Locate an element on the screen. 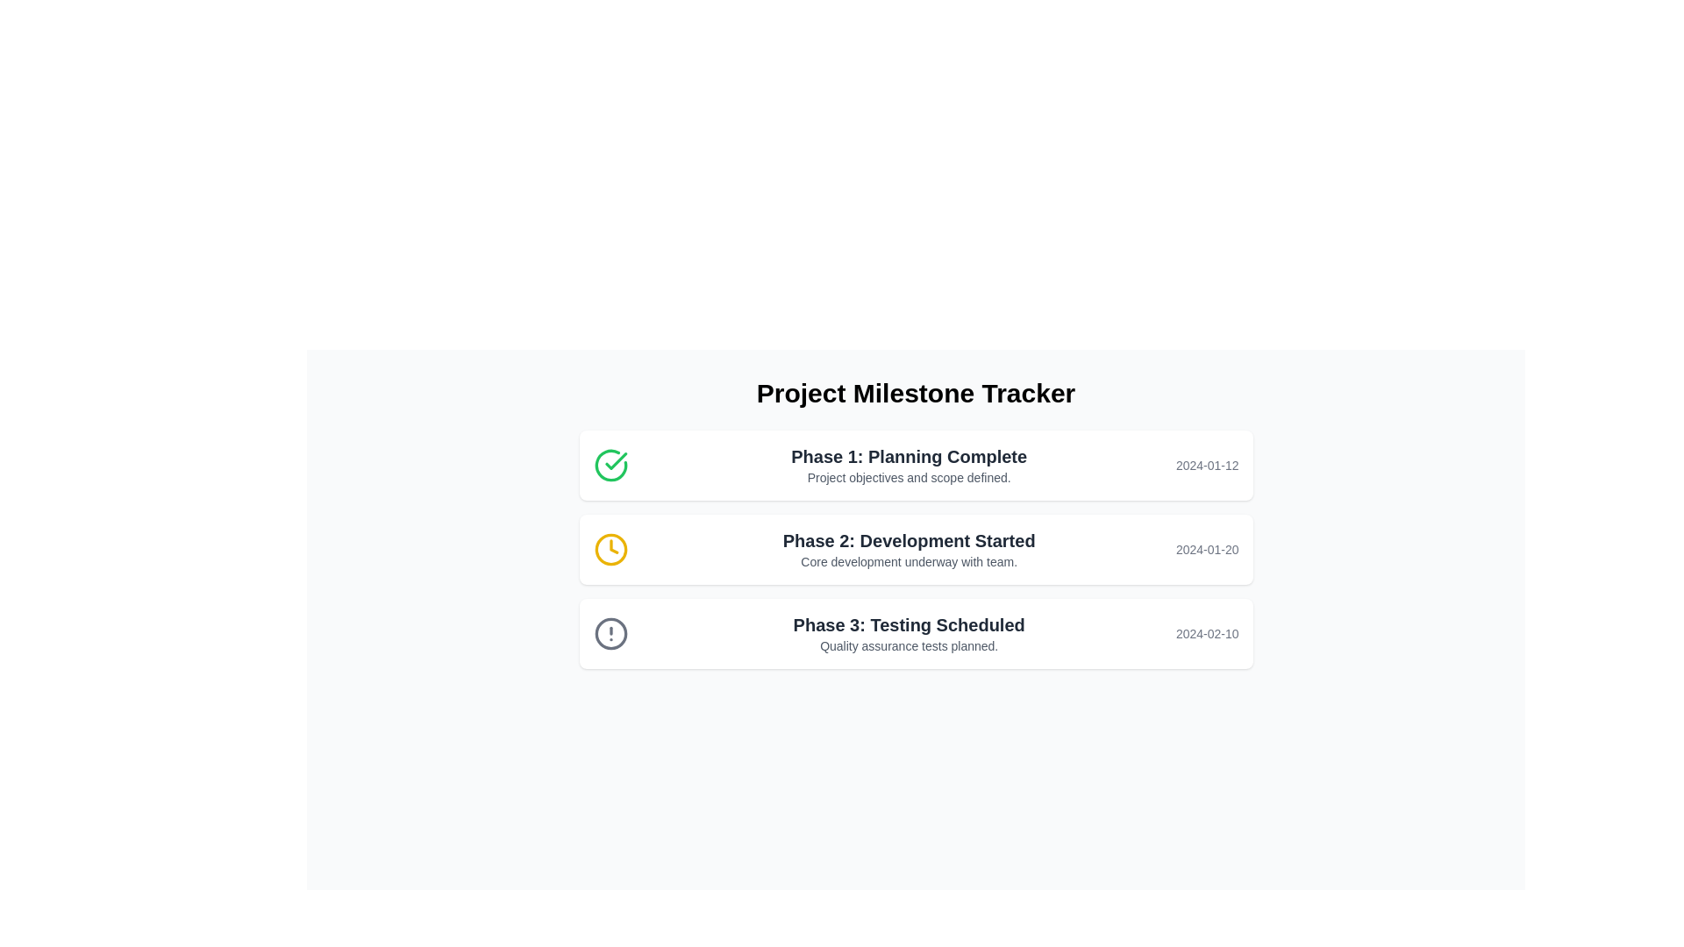  the header element displaying 'Project Milestone Tracker', which is styled as 'text-3xl font-bold' and is centrally located at the top of the layout is located at coordinates (915, 392).